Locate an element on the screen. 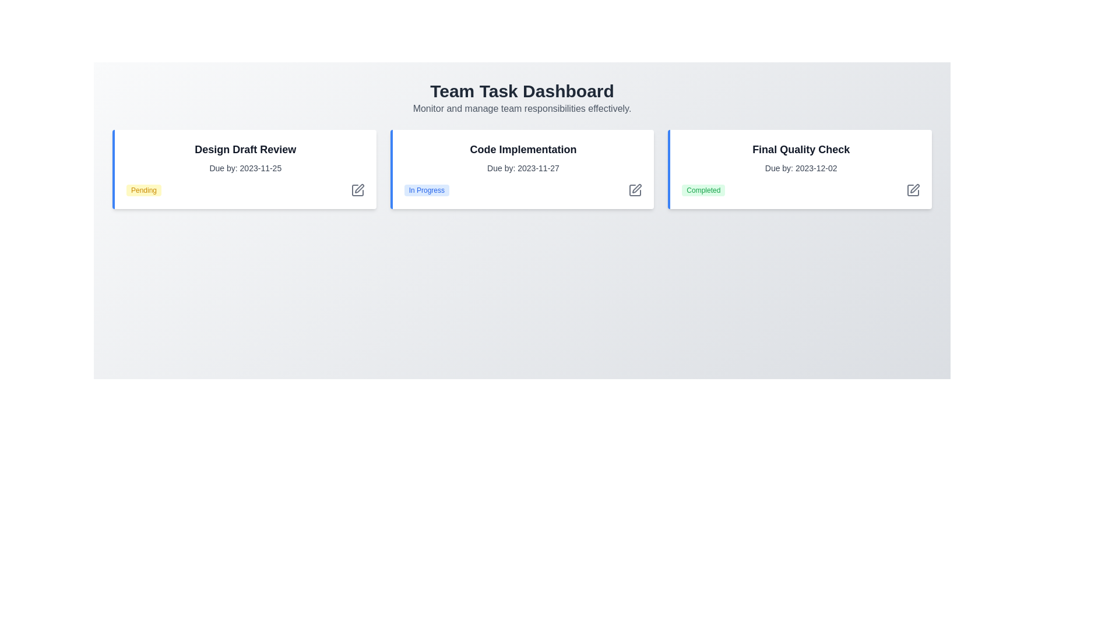 The width and height of the screenshot is (1119, 629). the edit icon button located to the right of the 'Pending' label in the 'Design Draft Review' card is located at coordinates (357, 190).